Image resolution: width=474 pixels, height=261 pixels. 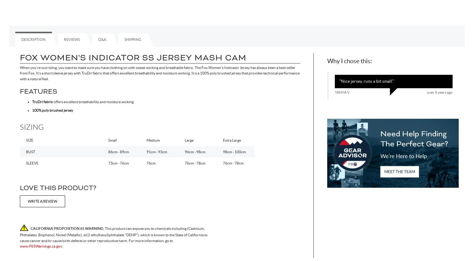 What do you see at coordinates (112, 140) in the screenshot?
I see `'Small'` at bounding box center [112, 140].